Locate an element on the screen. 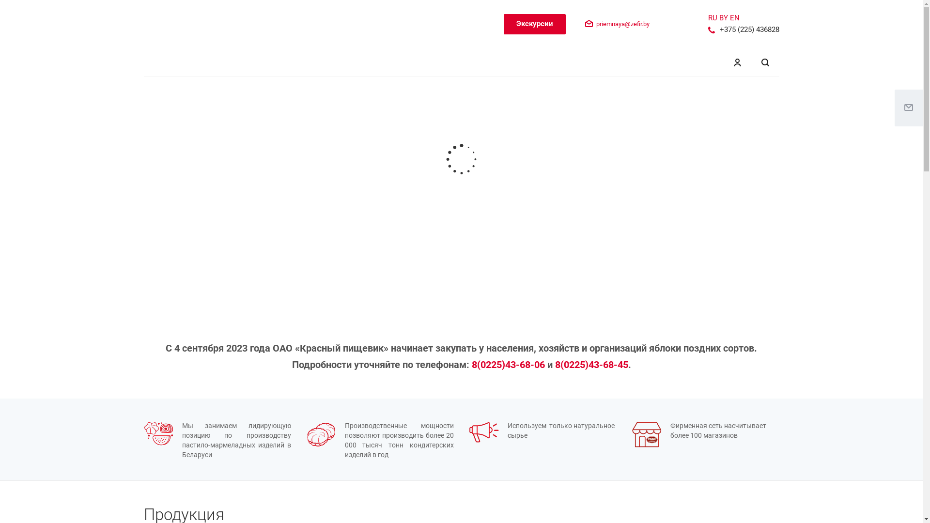 The height and width of the screenshot is (523, 930). '8(0225)43-68-06' is located at coordinates (508, 364).